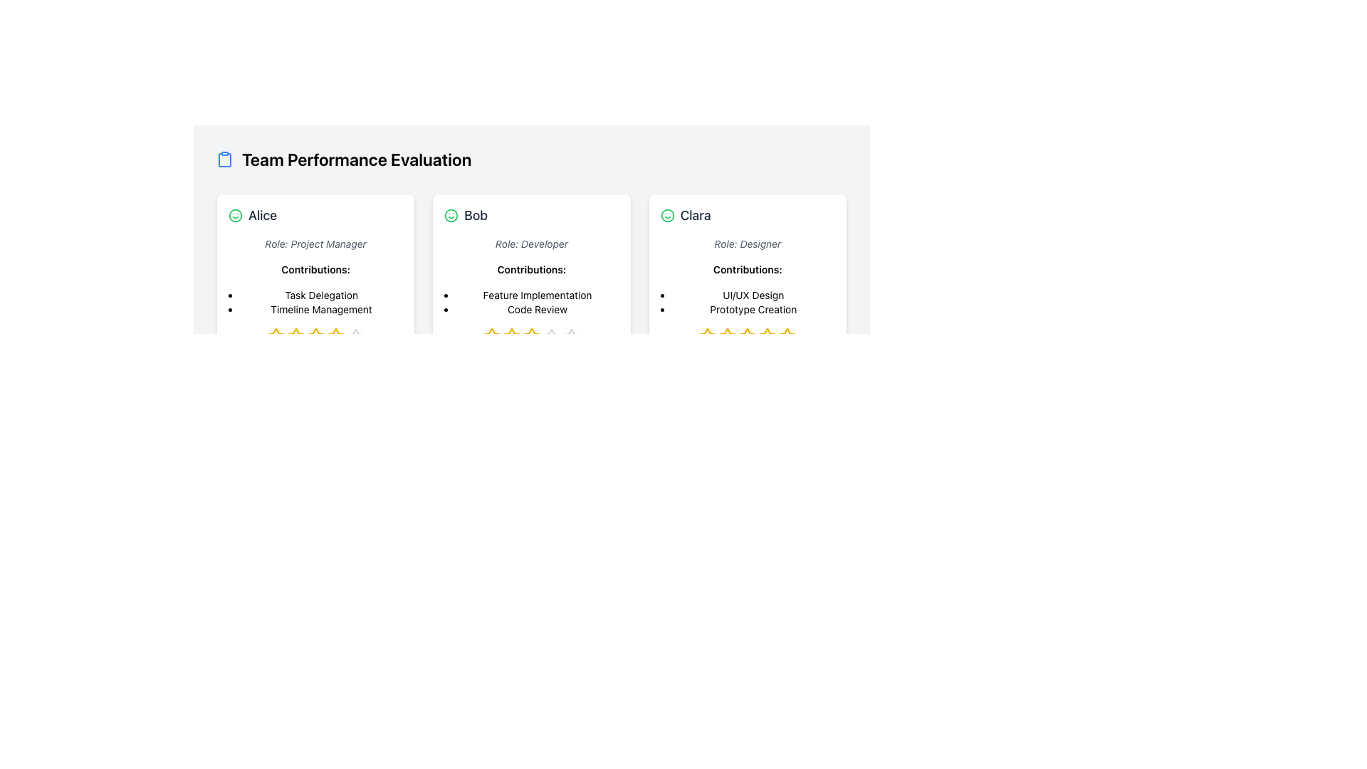  Describe the element at coordinates (492, 336) in the screenshot. I see `the third star rating icon in the 'Bob' section of the 'Team Performance Evaluation'` at that location.